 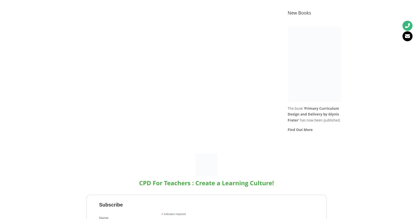 I want to click on 'Primary Curriculum Design and Delivery by Glynis Frater', so click(x=313, y=114).